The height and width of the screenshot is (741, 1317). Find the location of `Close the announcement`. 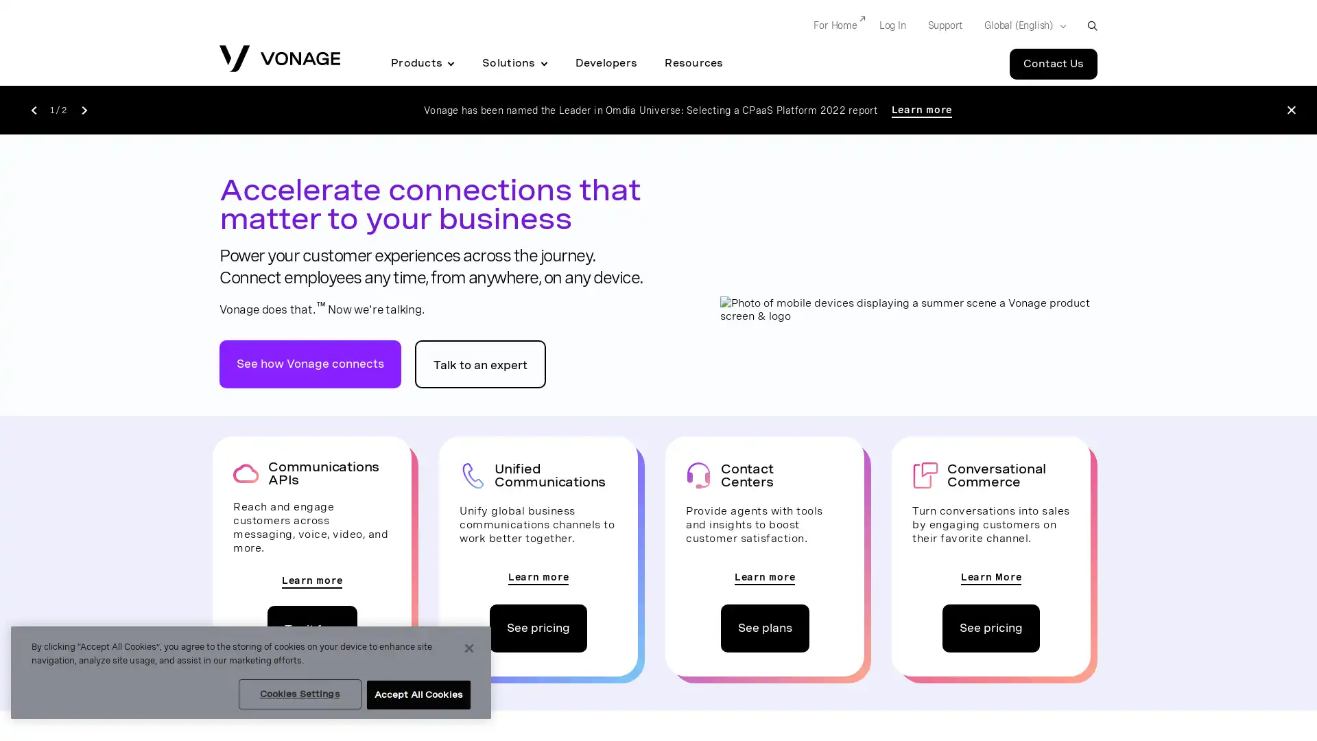

Close the announcement is located at coordinates (1290, 109).